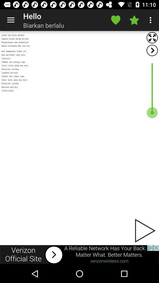 The image size is (159, 283). I want to click on advertise a website, so click(79, 254).